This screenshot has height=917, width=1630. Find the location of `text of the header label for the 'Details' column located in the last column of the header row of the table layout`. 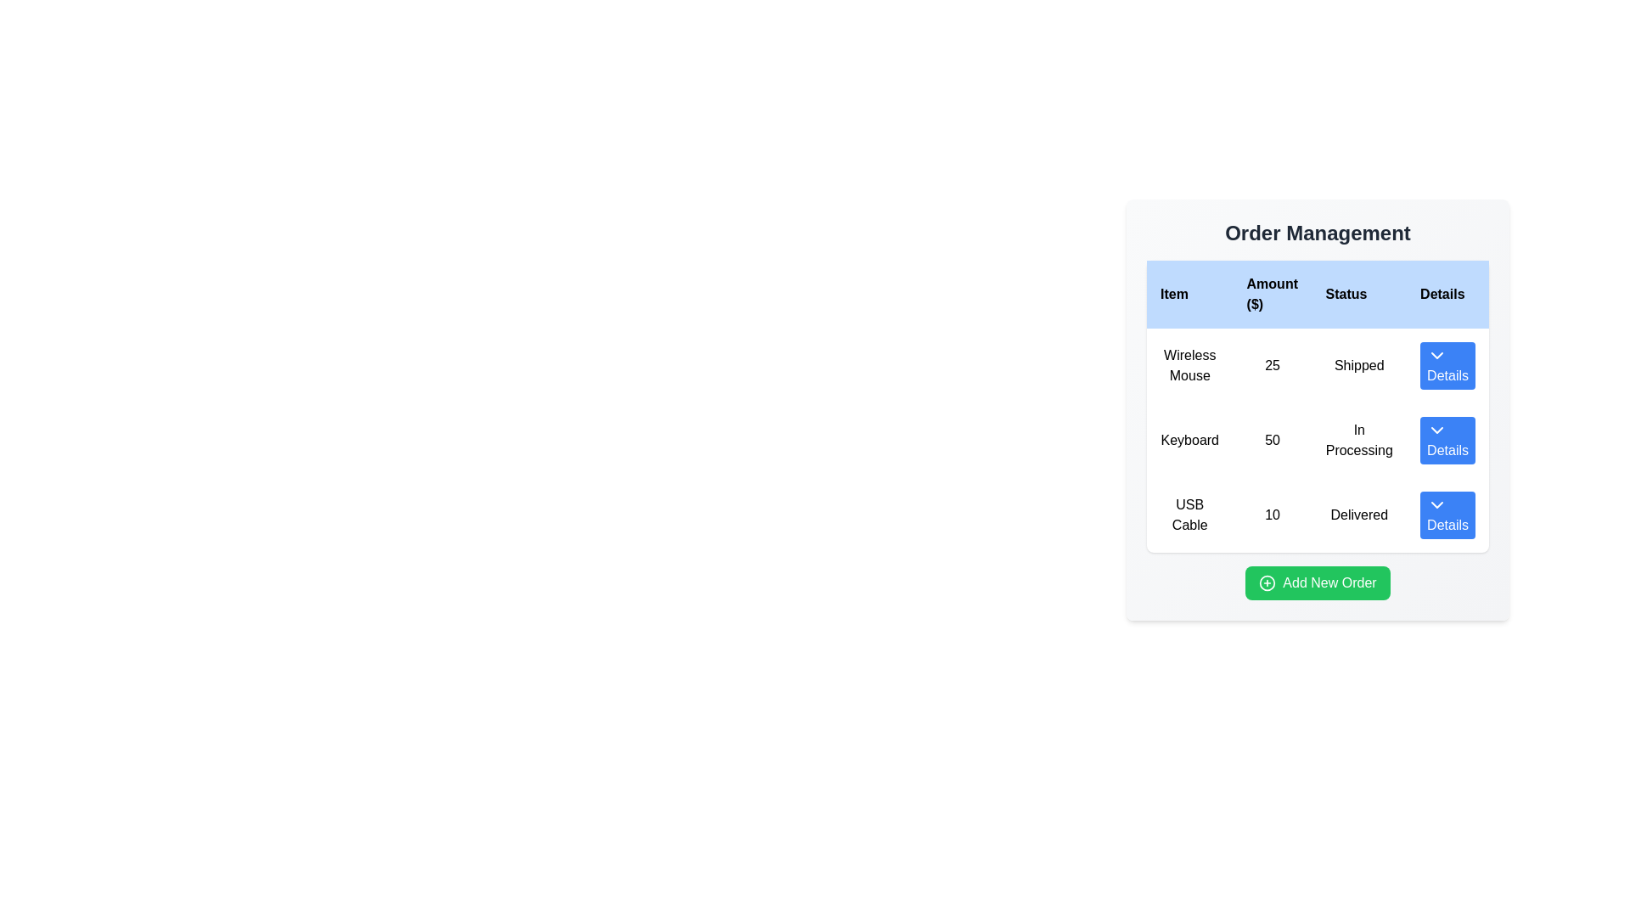

text of the header label for the 'Details' column located in the last column of the header row of the table layout is located at coordinates (1447, 294).